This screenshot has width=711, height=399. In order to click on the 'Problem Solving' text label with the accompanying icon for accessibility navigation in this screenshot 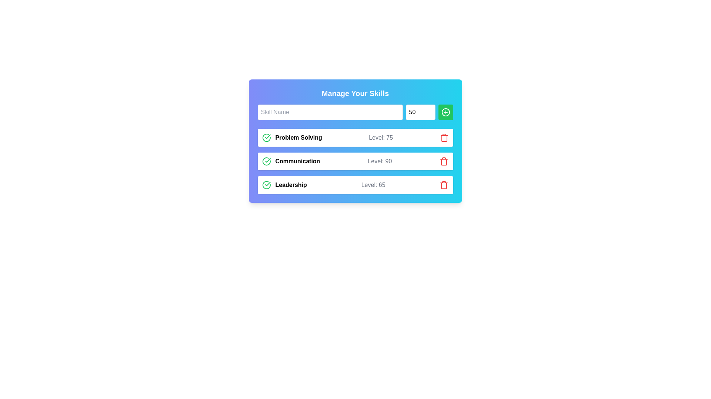, I will do `click(291, 138)`.